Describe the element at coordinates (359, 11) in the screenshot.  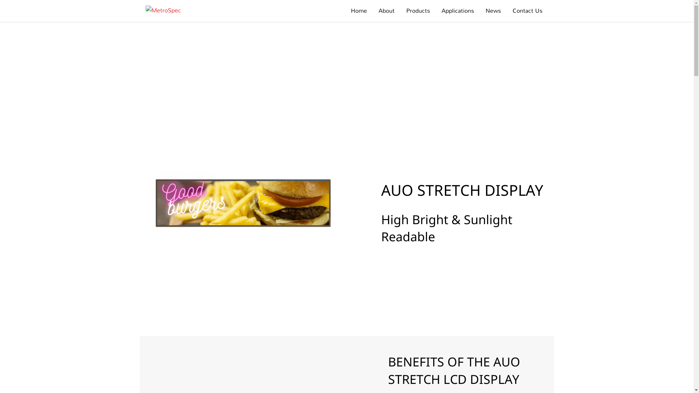
I see `'Home'` at that location.